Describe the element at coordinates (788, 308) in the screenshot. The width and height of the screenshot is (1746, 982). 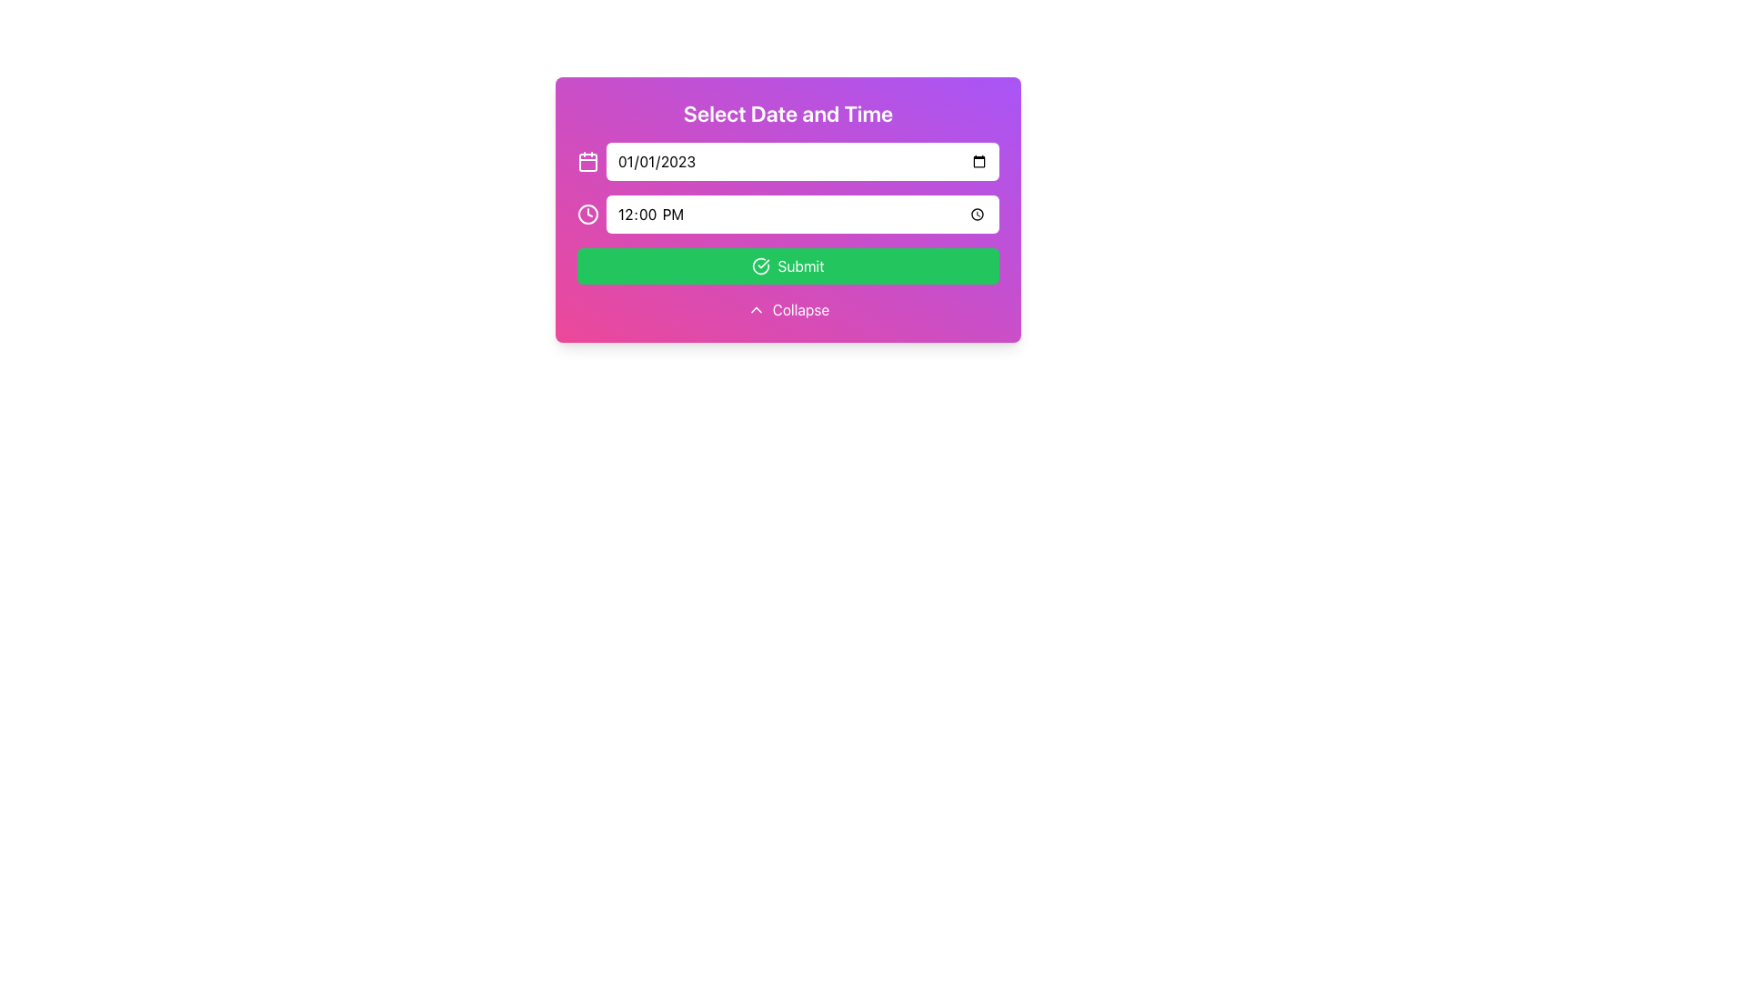
I see `the 'Collapse' button located at the bottom of the purple panel, which features an upward chevron icon and white text` at that location.